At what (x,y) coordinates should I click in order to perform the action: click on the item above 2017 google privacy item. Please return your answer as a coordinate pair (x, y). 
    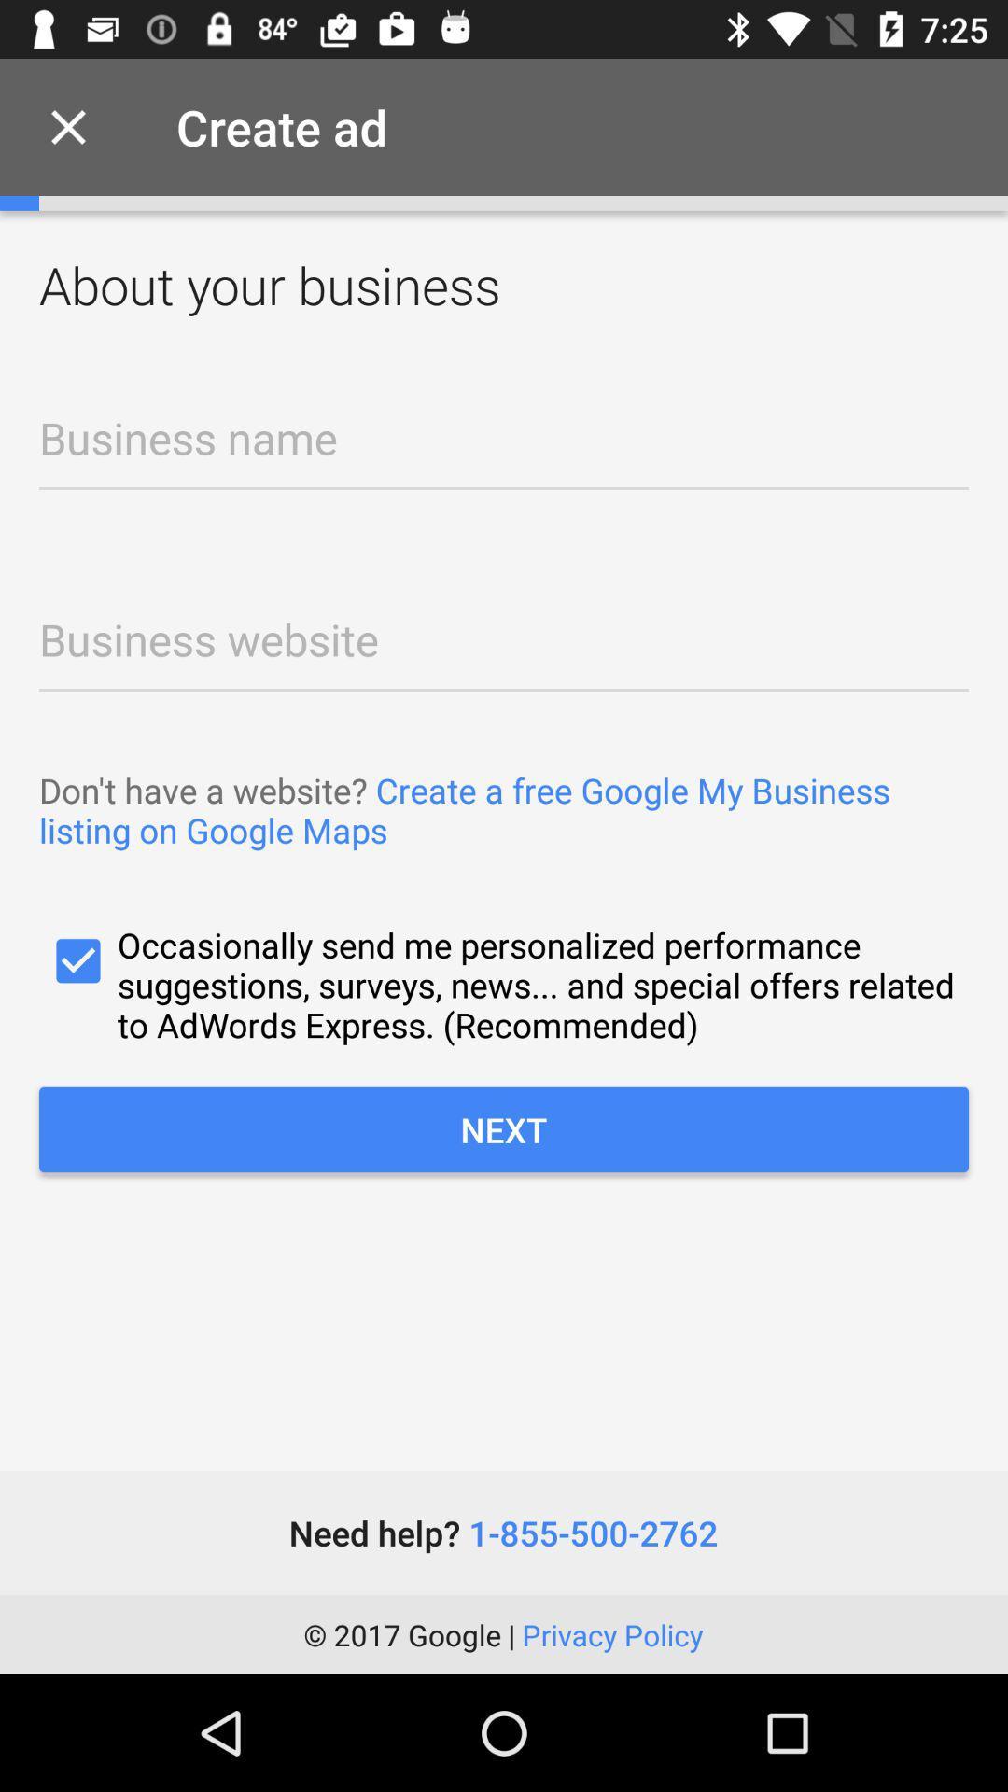
    Looking at the image, I should click on (502, 1533).